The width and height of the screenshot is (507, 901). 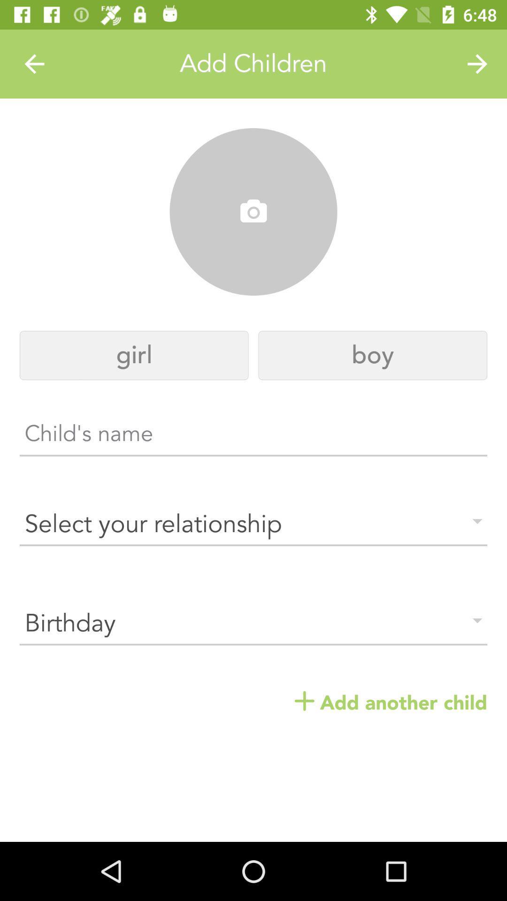 What do you see at coordinates (253, 63) in the screenshot?
I see `the add children icon` at bounding box center [253, 63].